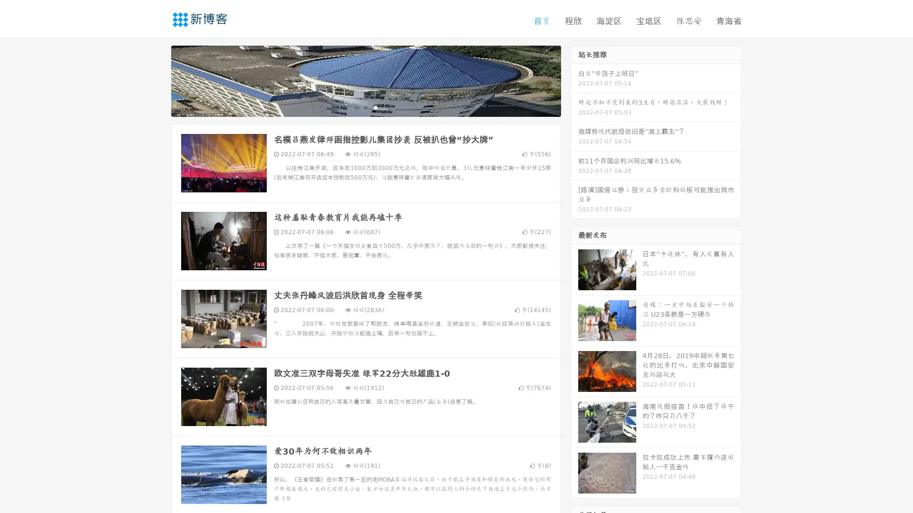 This screenshot has height=513, width=913. What do you see at coordinates (157, 80) in the screenshot?
I see `Previous slide` at bounding box center [157, 80].